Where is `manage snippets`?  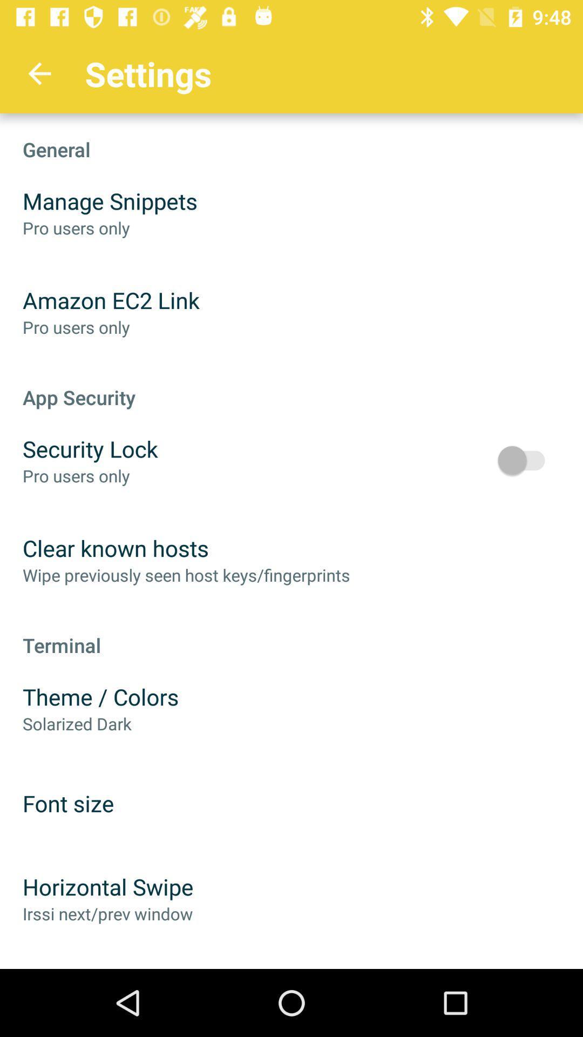
manage snippets is located at coordinates (110, 201).